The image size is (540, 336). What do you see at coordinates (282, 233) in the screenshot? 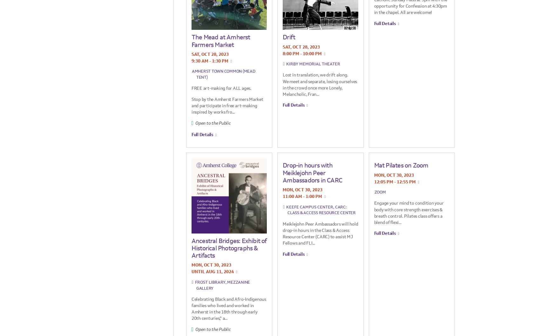
I see `'Meiklejohn Peer Ambassadors will hold drop-in hours in the Class & Access Resource Center (CARC) to assist MJ Fellows and FLI...'` at bounding box center [282, 233].